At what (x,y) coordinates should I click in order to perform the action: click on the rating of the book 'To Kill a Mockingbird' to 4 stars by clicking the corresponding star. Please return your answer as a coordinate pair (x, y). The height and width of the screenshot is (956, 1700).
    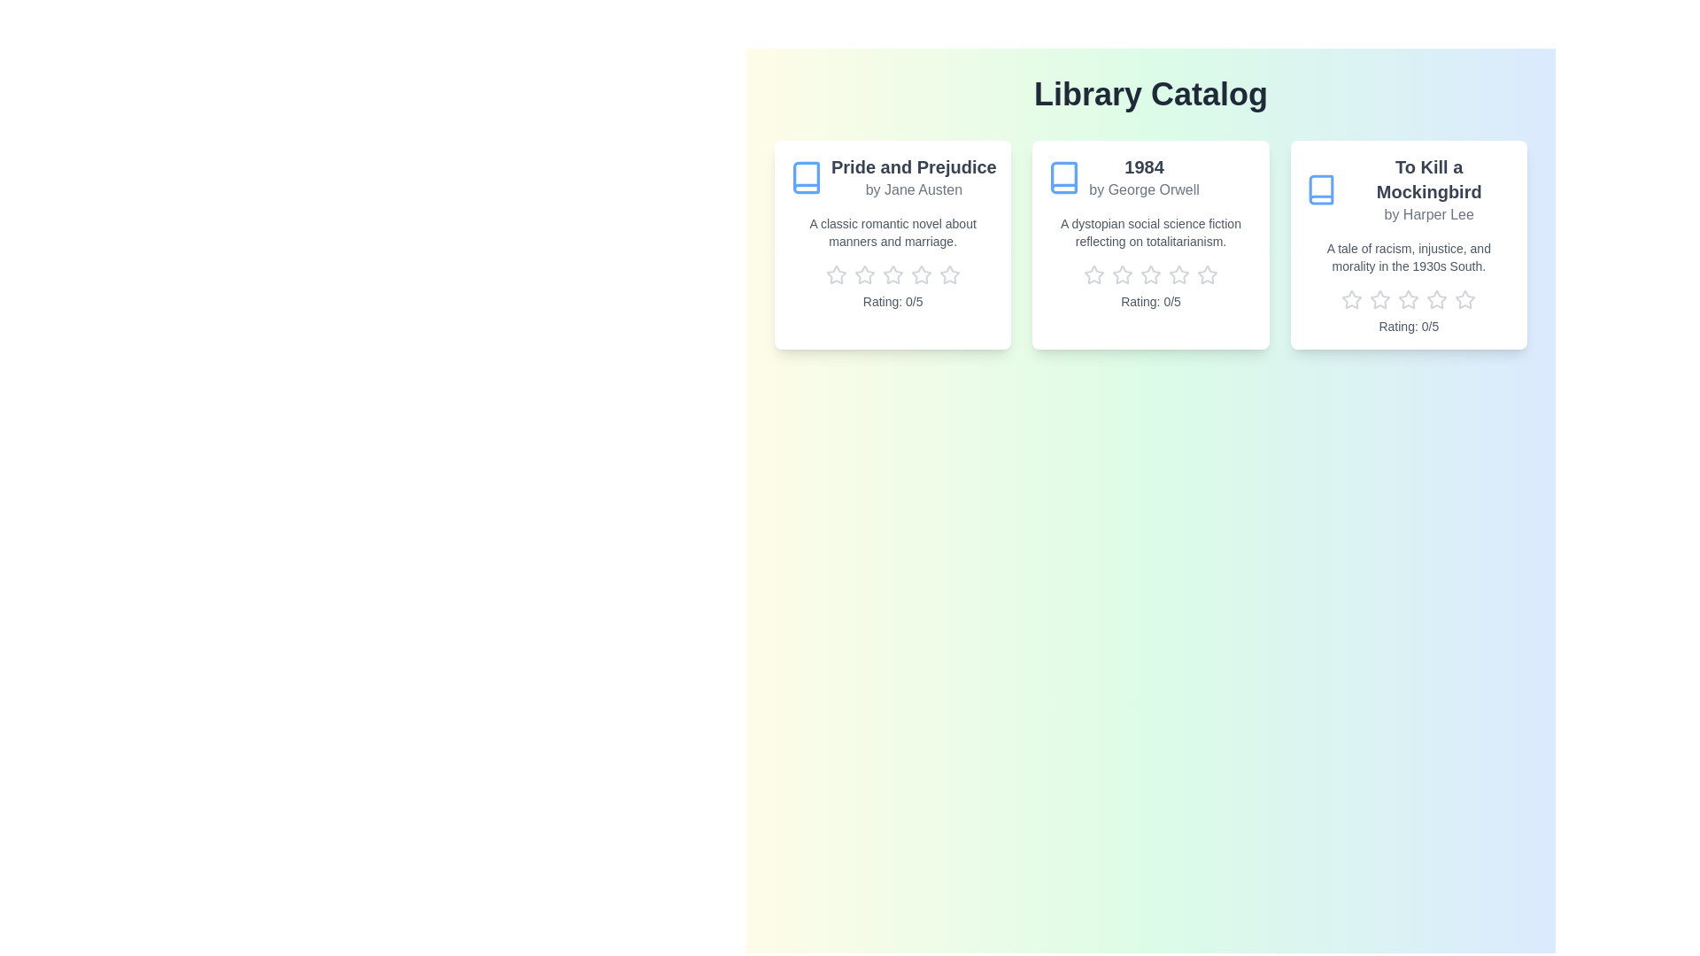
    Looking at the image, I should click on (1437, 299).